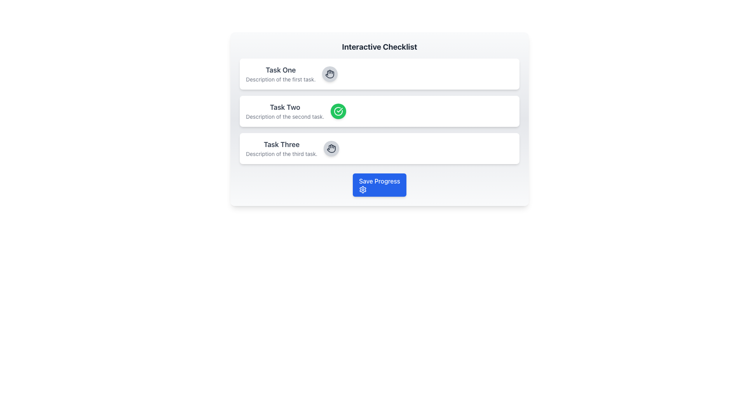 The width and height of the screenshot is (746, 419). What do you see at coordinates (380, 74) in the screenshot?
I see `the first task item in the checklist, which displays the task title and description, and includes an action button for marking the task status` at bounding box center [380, 74].